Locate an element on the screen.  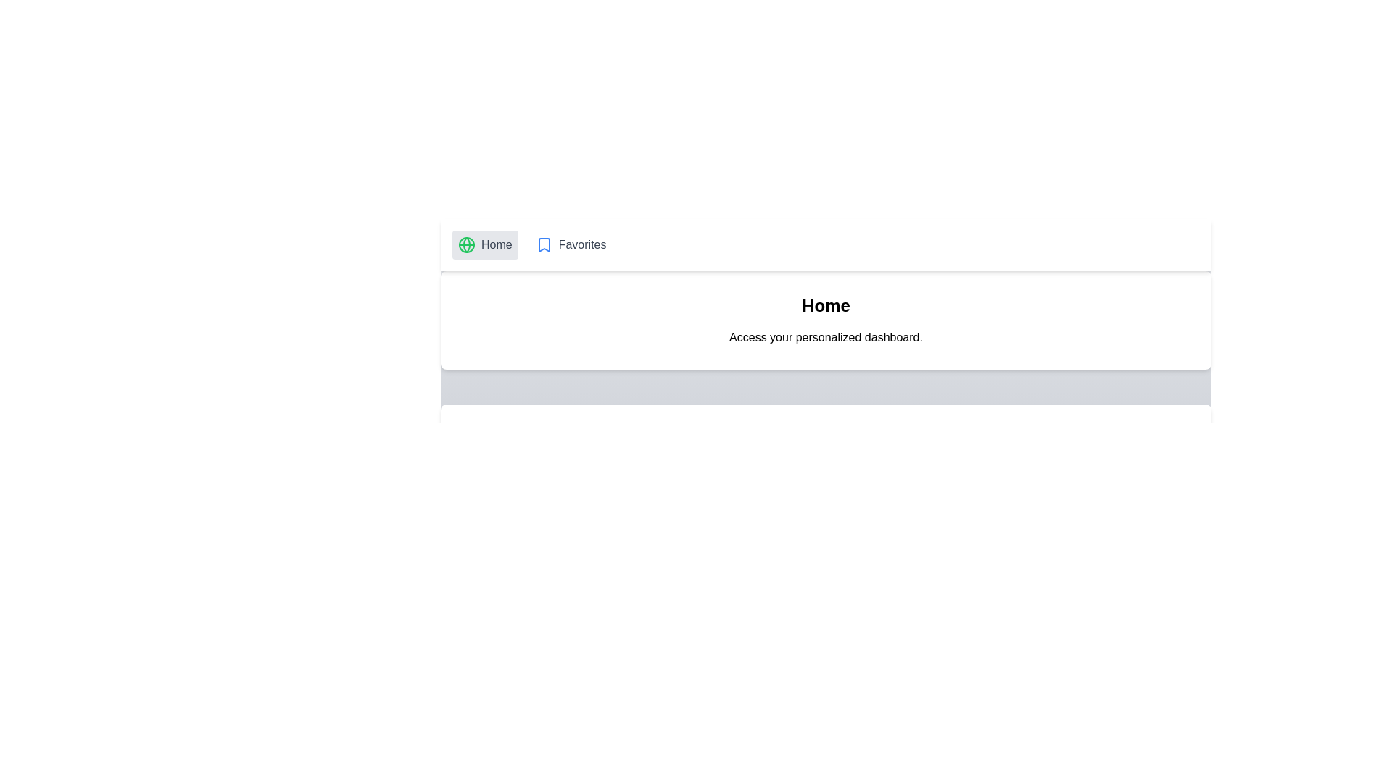
the blue minimalist bookmark icon located in the 'Favorites' section of the menu, positioned to the left of the text label 'Favorites' is located at coordinates (543, 244).